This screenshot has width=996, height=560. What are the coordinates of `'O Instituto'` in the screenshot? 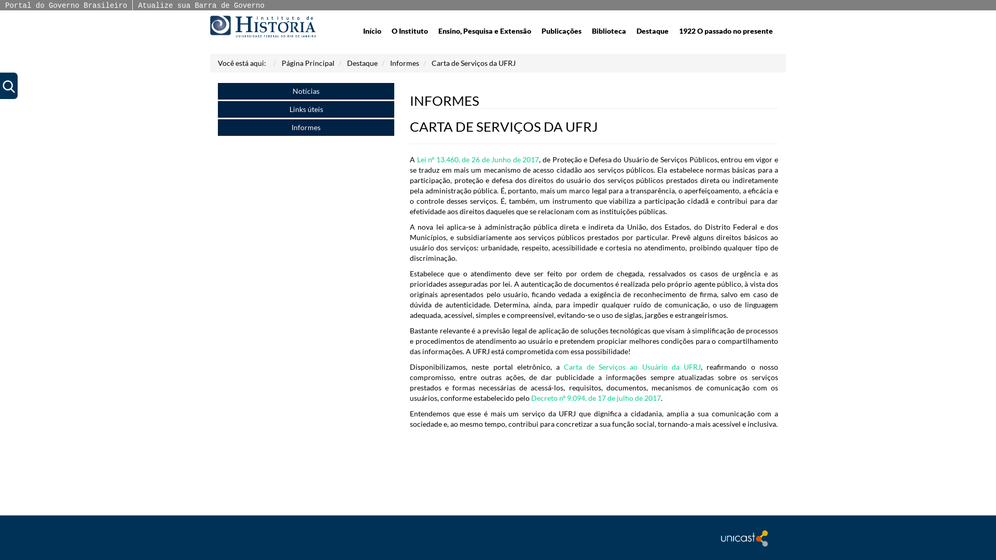 It's located at (391, 30).